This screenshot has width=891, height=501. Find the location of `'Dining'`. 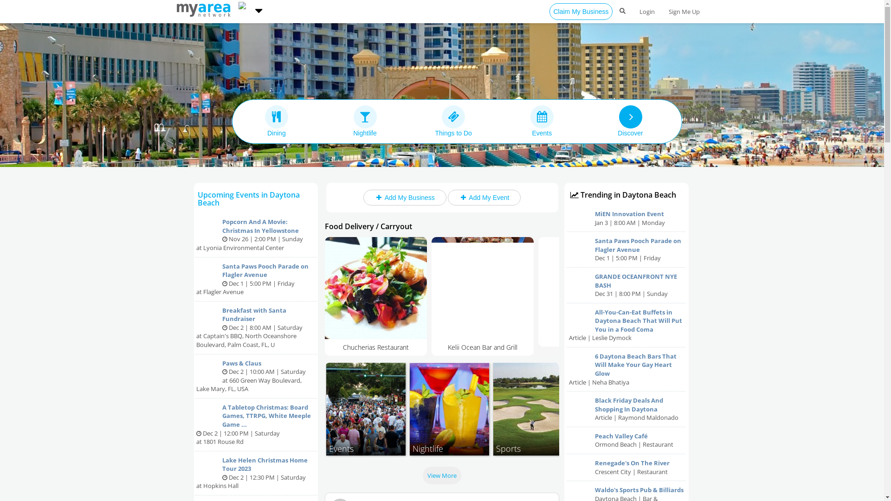

'Dining' is located at coordinates (276, 121).